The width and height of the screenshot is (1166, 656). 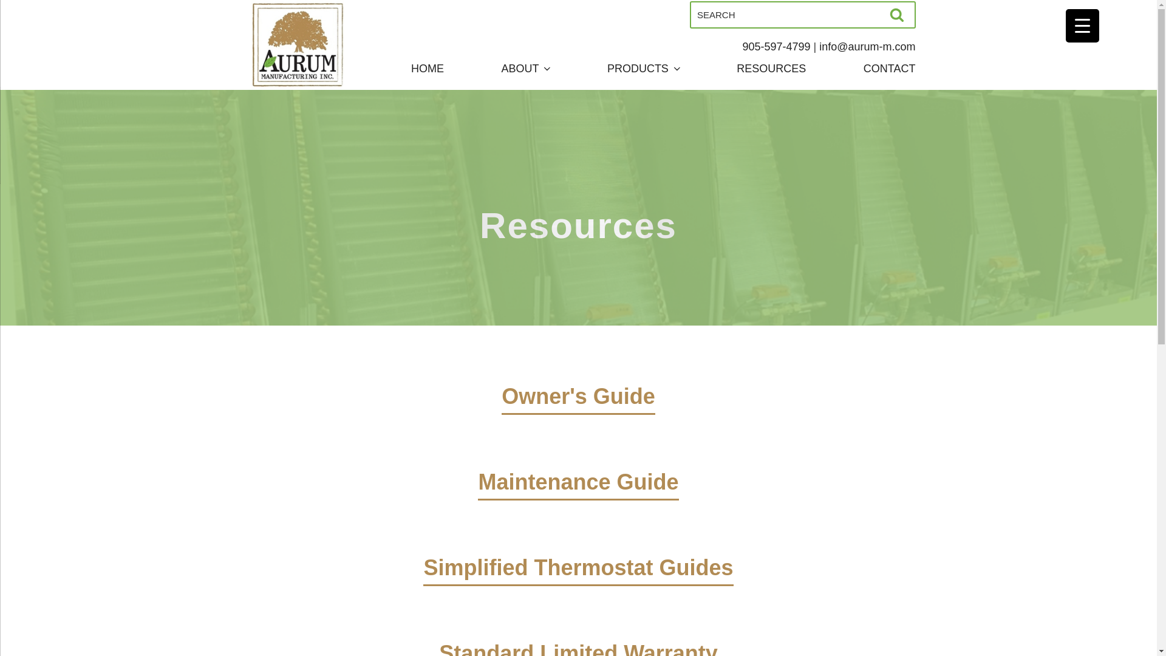 What do you see at coordinates (577, 584) in the screenshot?
I see `'Simplified Thermostat Guides'` at bounding box center [577, 584].